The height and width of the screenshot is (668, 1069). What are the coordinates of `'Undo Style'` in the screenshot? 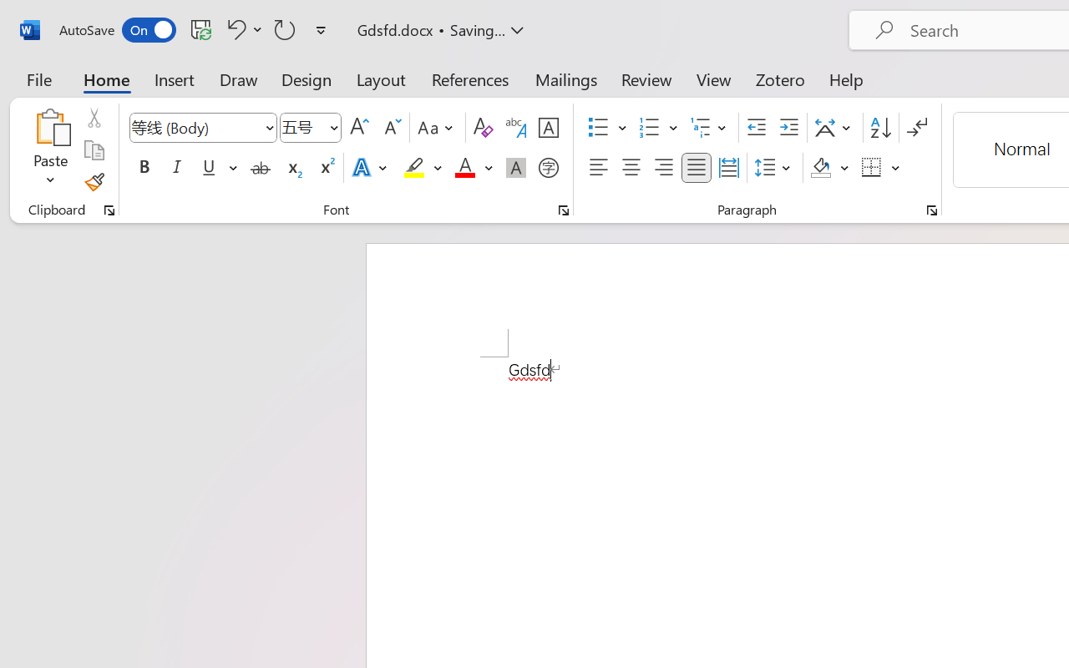 It's located at (233, 28).